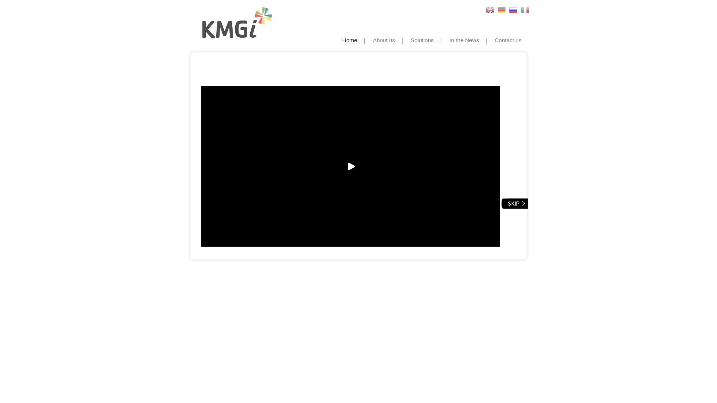  What do you see at coordinates (498, 10) in the screenshot?
I see `'German'` at bounding box center [498, 10].